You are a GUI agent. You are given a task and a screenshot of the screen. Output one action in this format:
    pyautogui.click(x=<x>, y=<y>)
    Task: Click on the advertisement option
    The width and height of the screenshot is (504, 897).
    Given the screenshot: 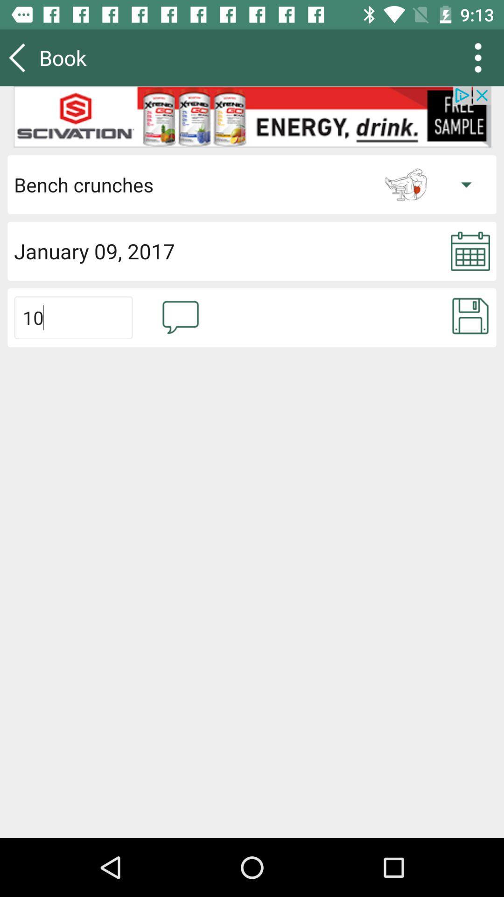 What is the action you would take?
    pyautogui.click(x=252, y=116)
    